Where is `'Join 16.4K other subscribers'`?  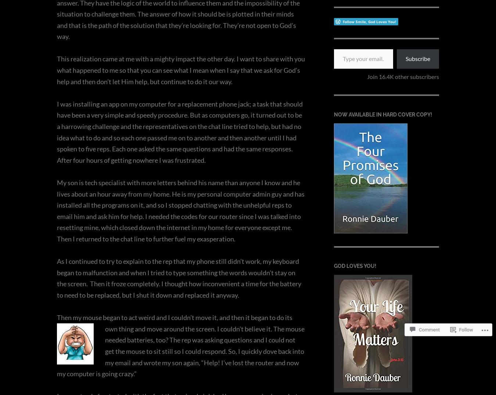
'Join 16.4K other subscribers' is located at coordinates (403, 76).